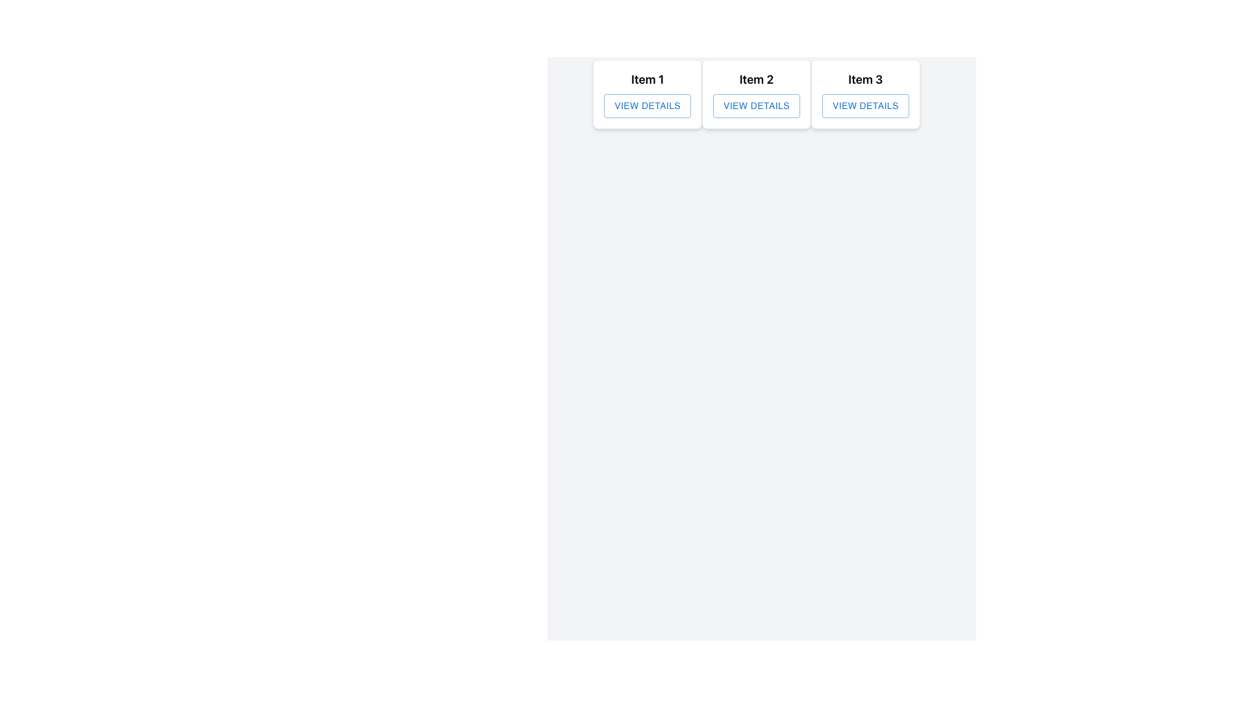  Describe the element at coordinates (648, 105) in the screenshot. I see `the button located below 'Item 1' in the first item of a horizontally arranged row` at that location.